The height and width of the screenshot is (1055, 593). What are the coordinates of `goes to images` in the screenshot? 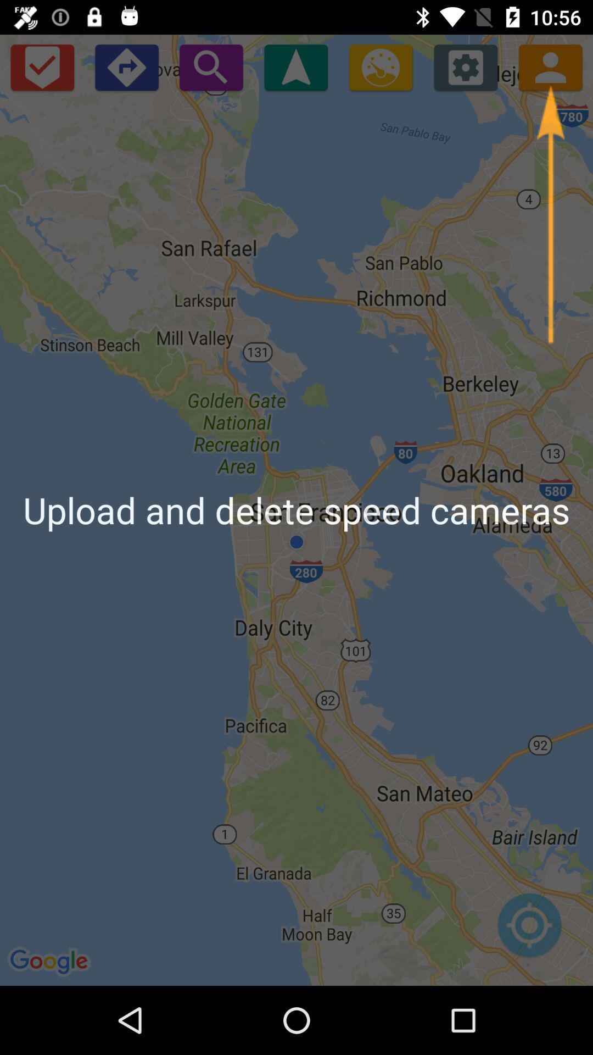 It's located at (380, 66).